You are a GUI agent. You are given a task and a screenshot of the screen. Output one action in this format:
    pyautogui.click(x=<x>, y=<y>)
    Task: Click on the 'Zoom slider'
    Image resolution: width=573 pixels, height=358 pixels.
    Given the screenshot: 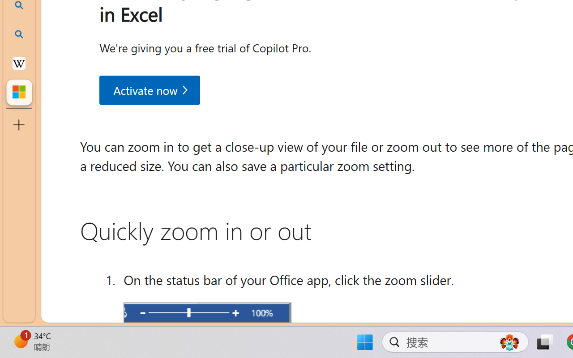 What is the action you would take?
    pyautogui.click(x=206, y=313)
    